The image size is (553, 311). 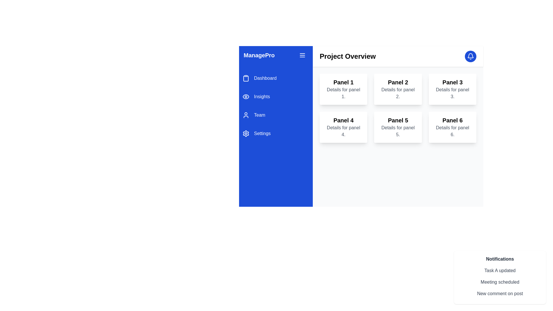 I want to click on the static text label 'ManagePro' which is prominently displayed in white on a blue background at the top-left corner of the sidebar, so click(x=259, y=55).